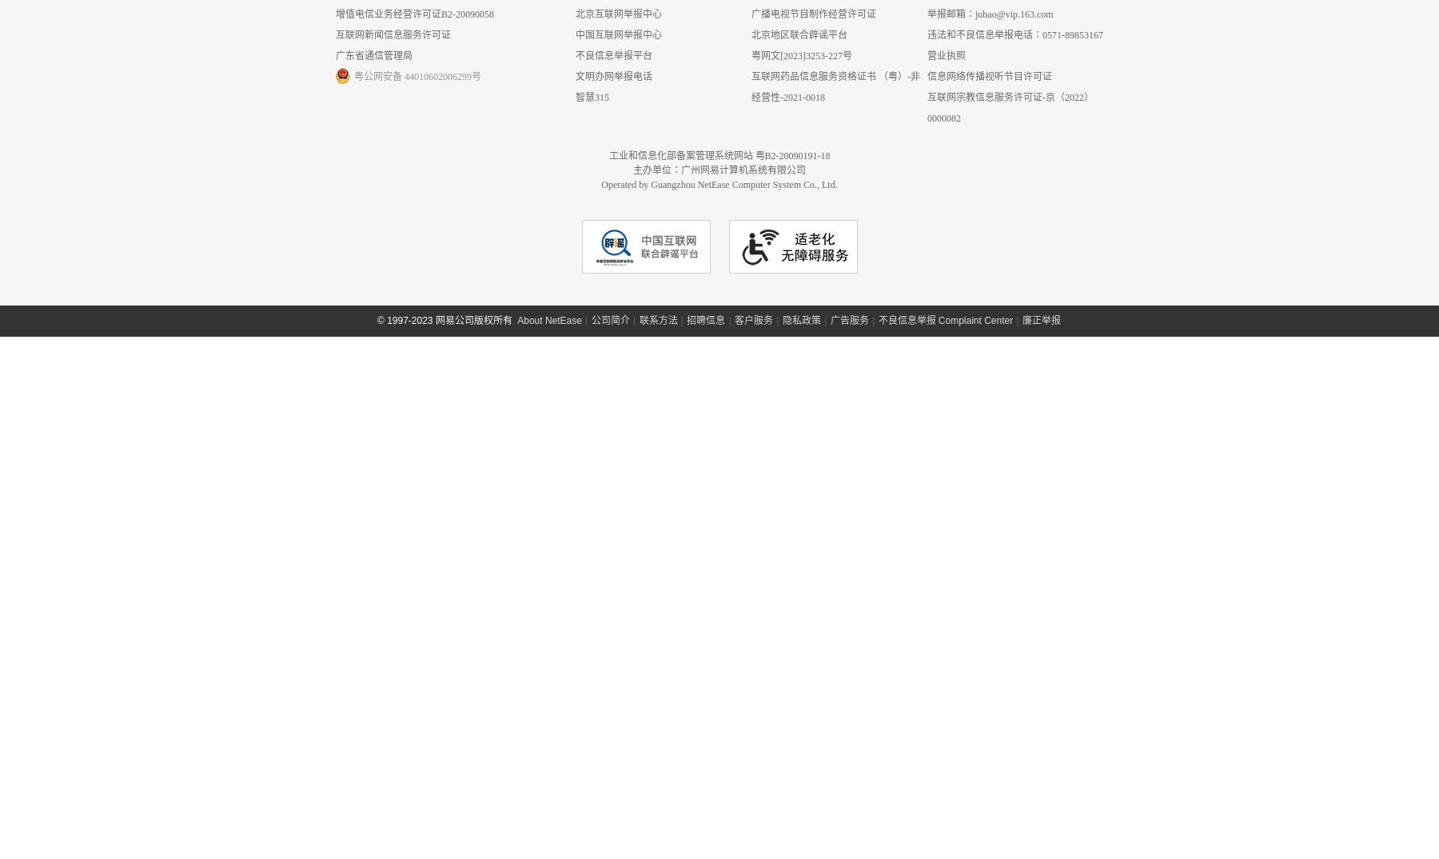 Image resolution: width=1439 pixels, height=859 pixels. I want to click on '5G', so click(321, 348).